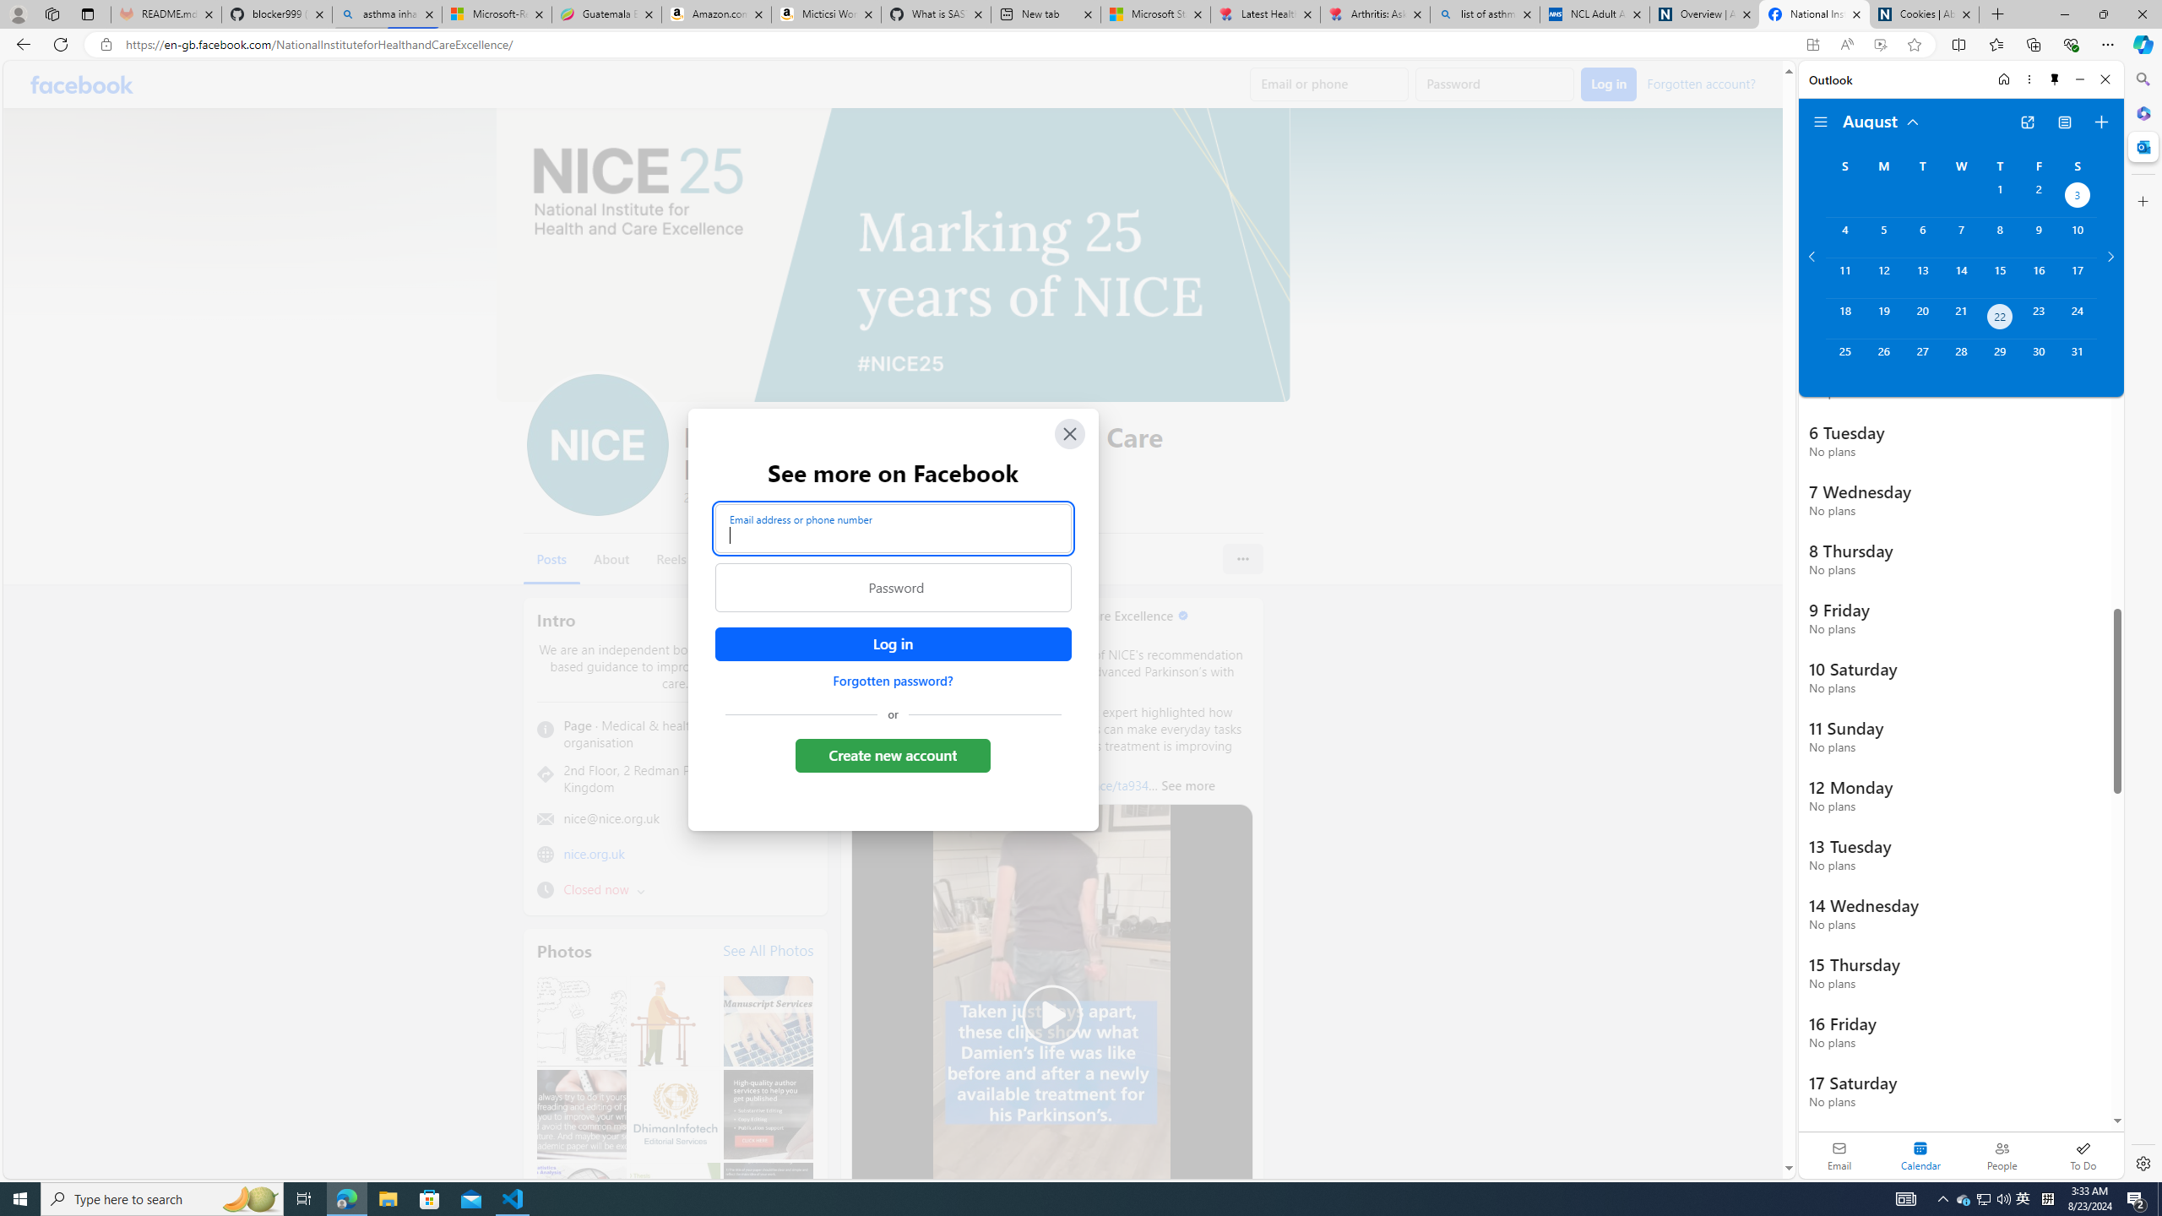 This screenshot has height=1216, width=2162. I want to click on 'Selected calendar module. Date today is 22', so click(1920, 1154).